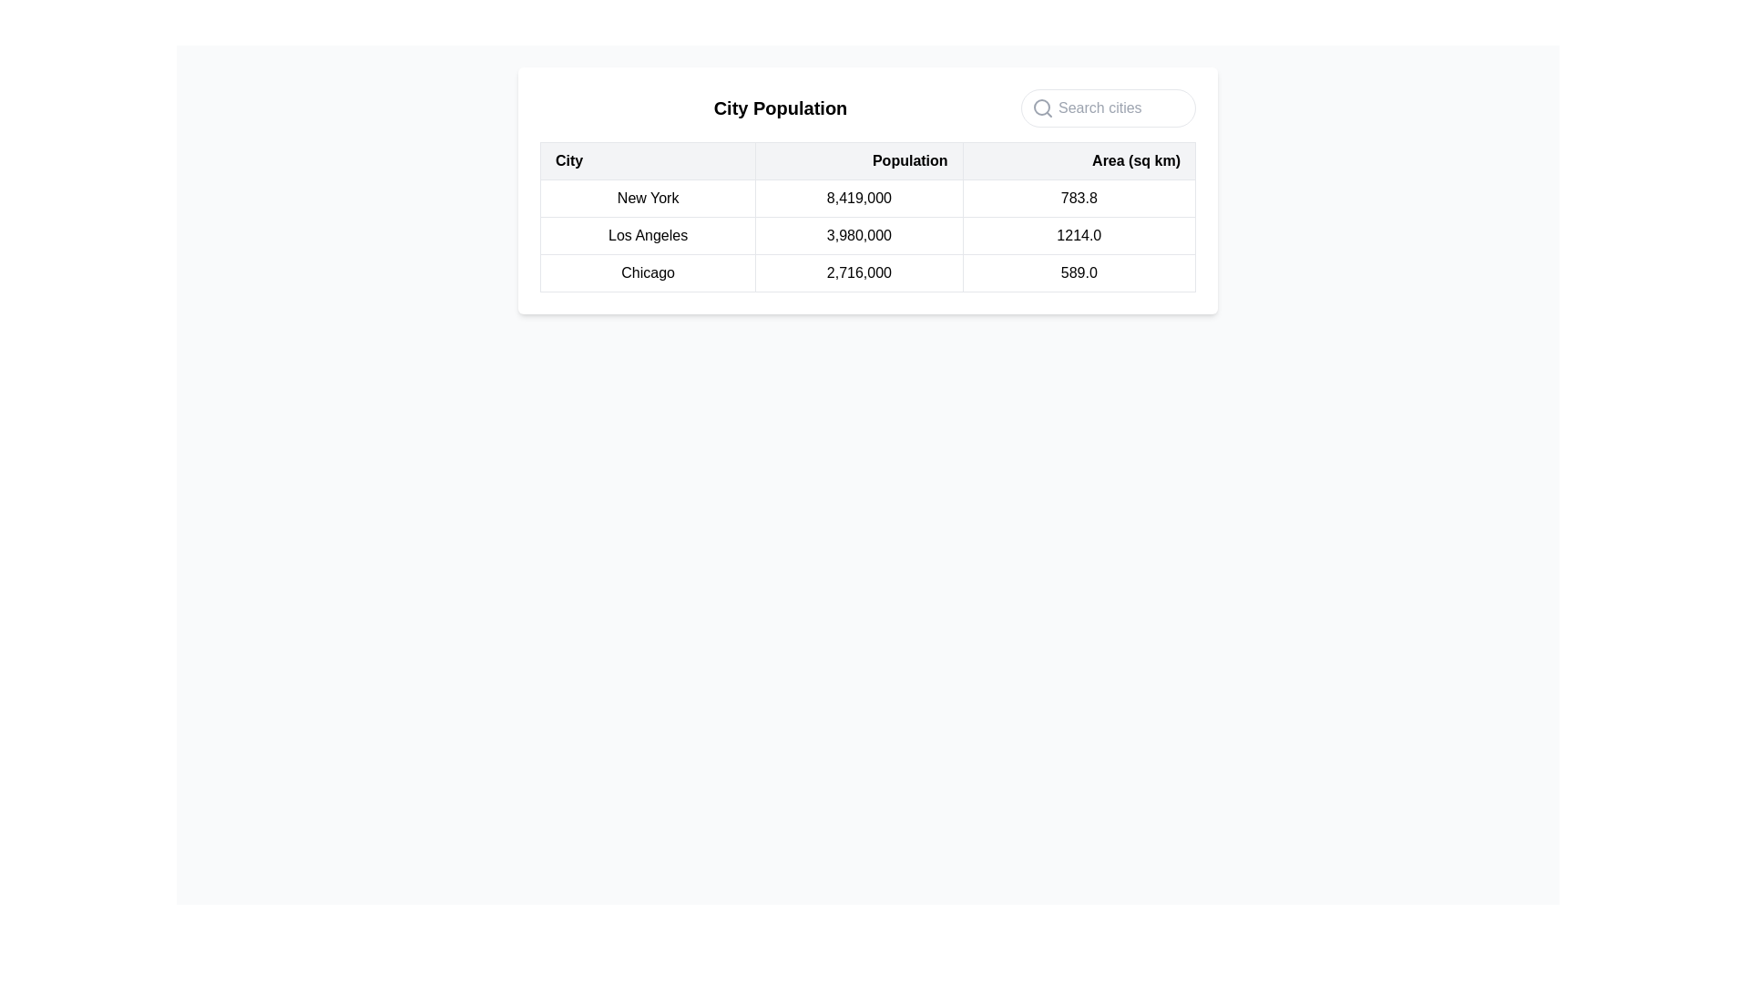 This screenshot has height=984, width=1749. Describe the element at coordinates (867, 190) in the screenshot. I see `the table that provides structured data about city populations and areas, located in the center of the interface below the search bar` at that location.